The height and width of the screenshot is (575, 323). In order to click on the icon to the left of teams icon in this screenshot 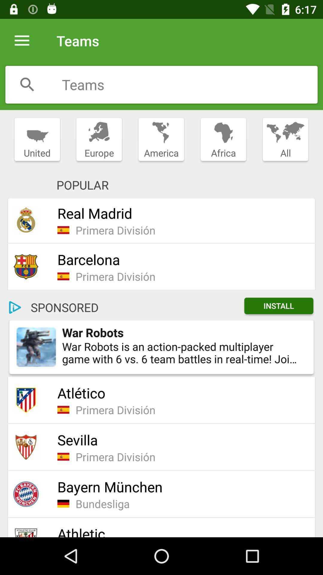, I will do `click(22, 40)`.